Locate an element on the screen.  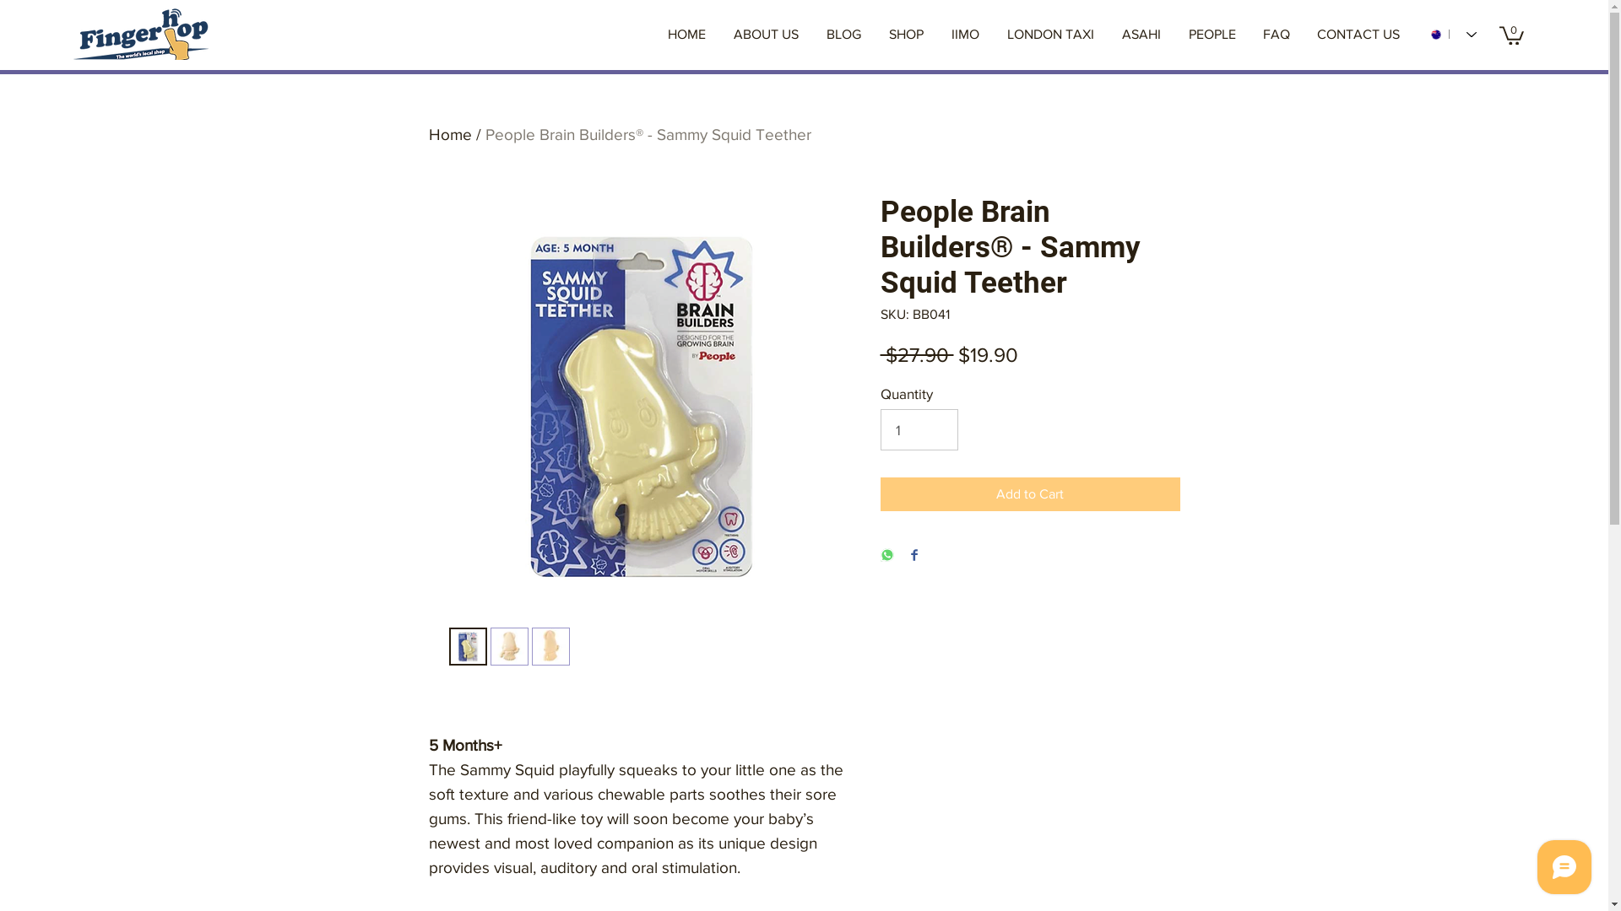
'FAQ' is located at coordinates (1277, 35).